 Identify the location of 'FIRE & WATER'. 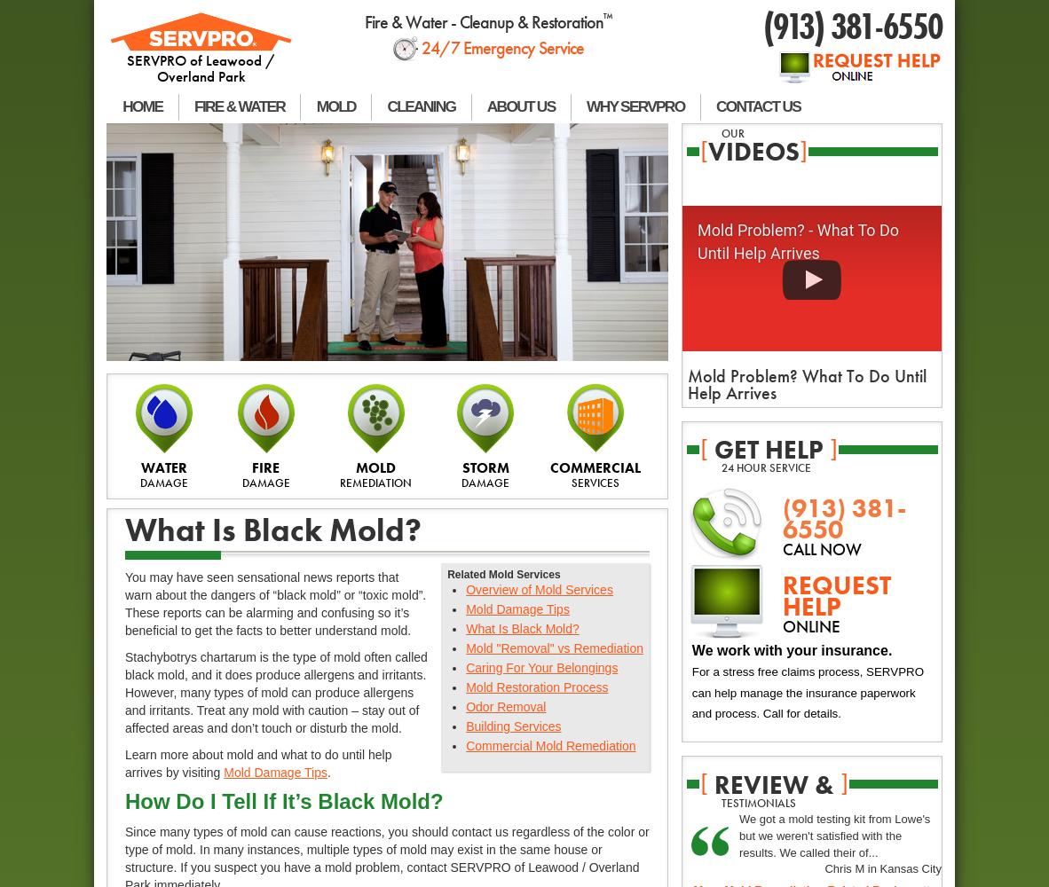
(238, 106).